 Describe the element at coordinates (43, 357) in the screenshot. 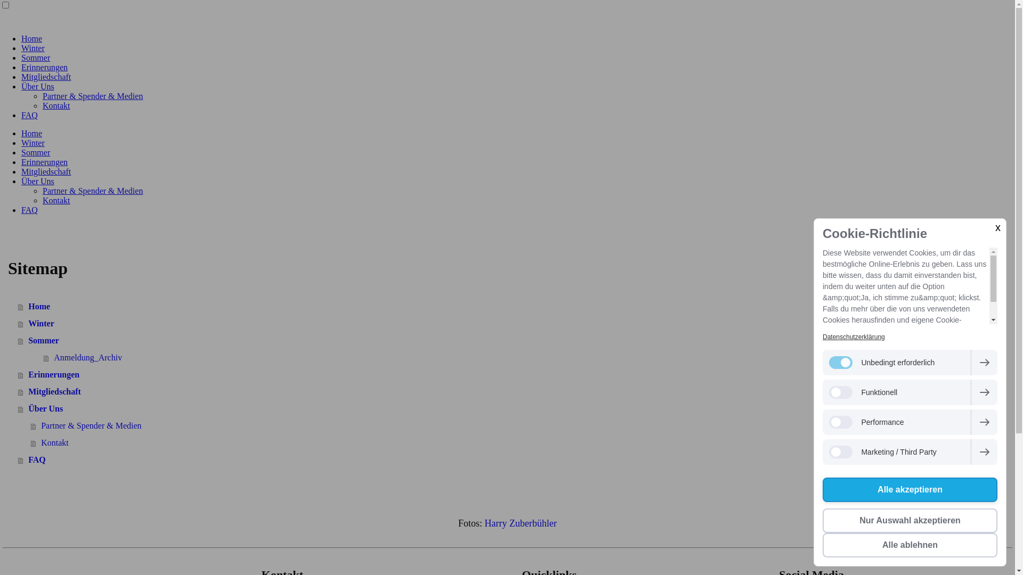

I see `'Anmeldung_Archiv'` at that location.